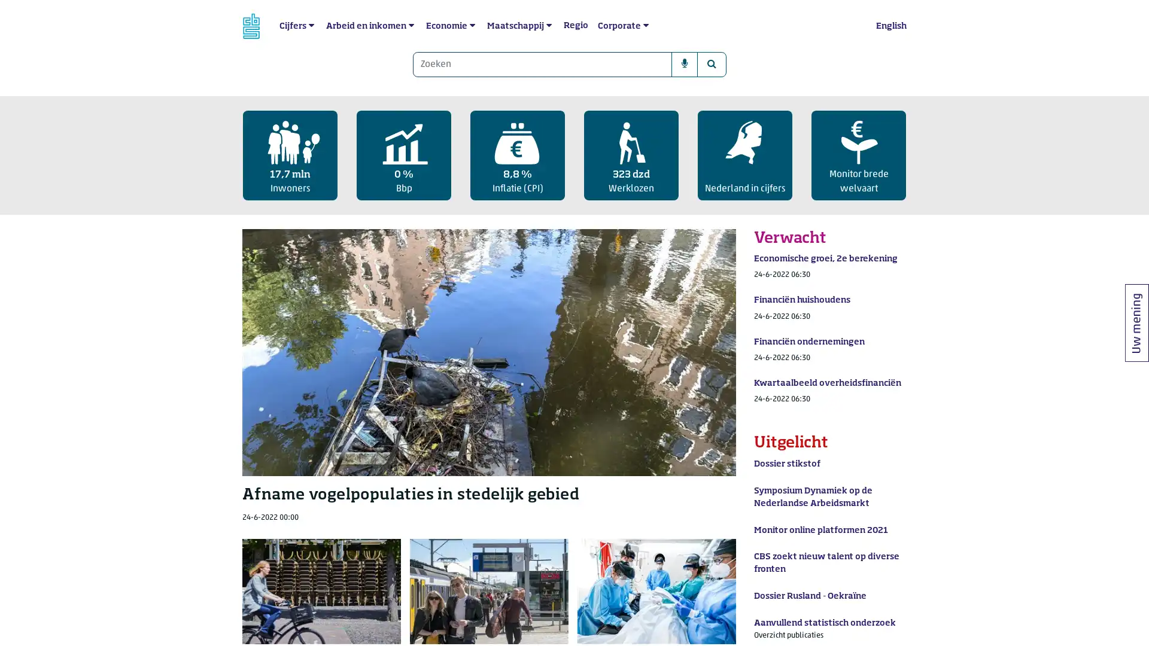  I want to click on Zoeken, so click(712, 65).